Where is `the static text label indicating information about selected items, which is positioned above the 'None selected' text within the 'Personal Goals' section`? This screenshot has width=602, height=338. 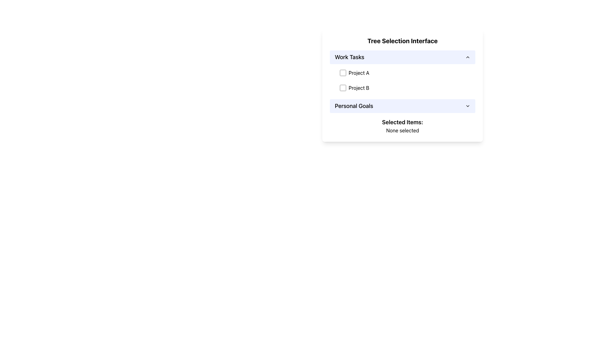 the static text label indicating information about selected items, which is positioned above the 'None selected' text within the 'Personal Goals' section is located at coordinates (402, 122).